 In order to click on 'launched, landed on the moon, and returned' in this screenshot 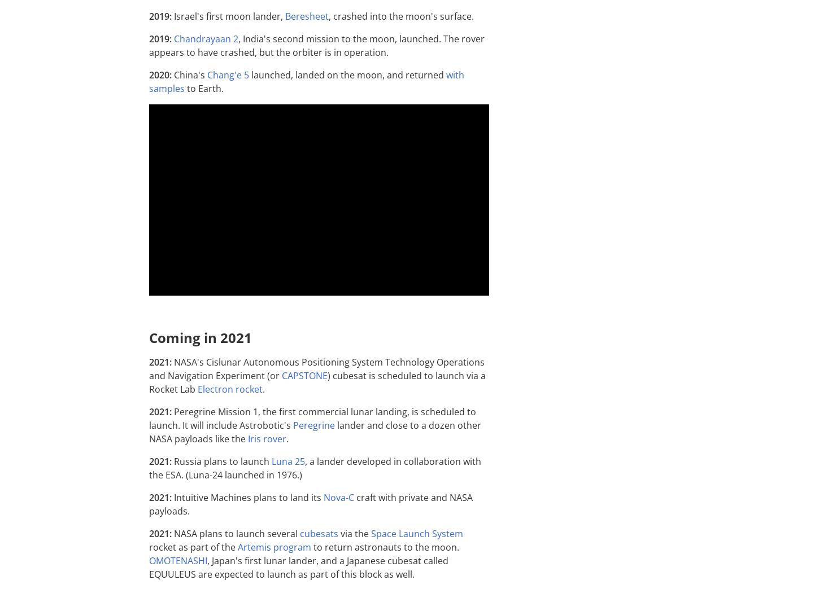, I will do `click(248, 74)`.